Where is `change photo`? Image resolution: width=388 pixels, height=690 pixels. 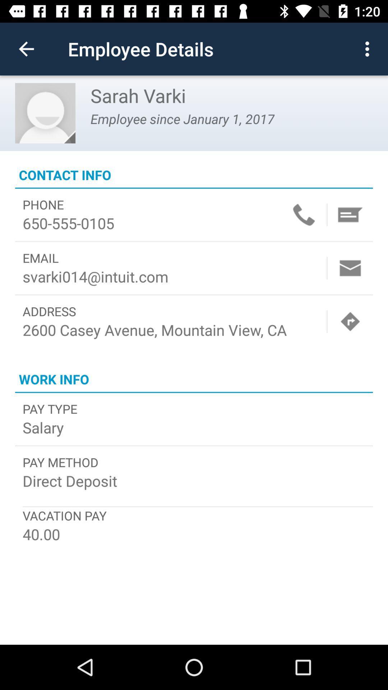 change photo is located at coordinates (45, 113).